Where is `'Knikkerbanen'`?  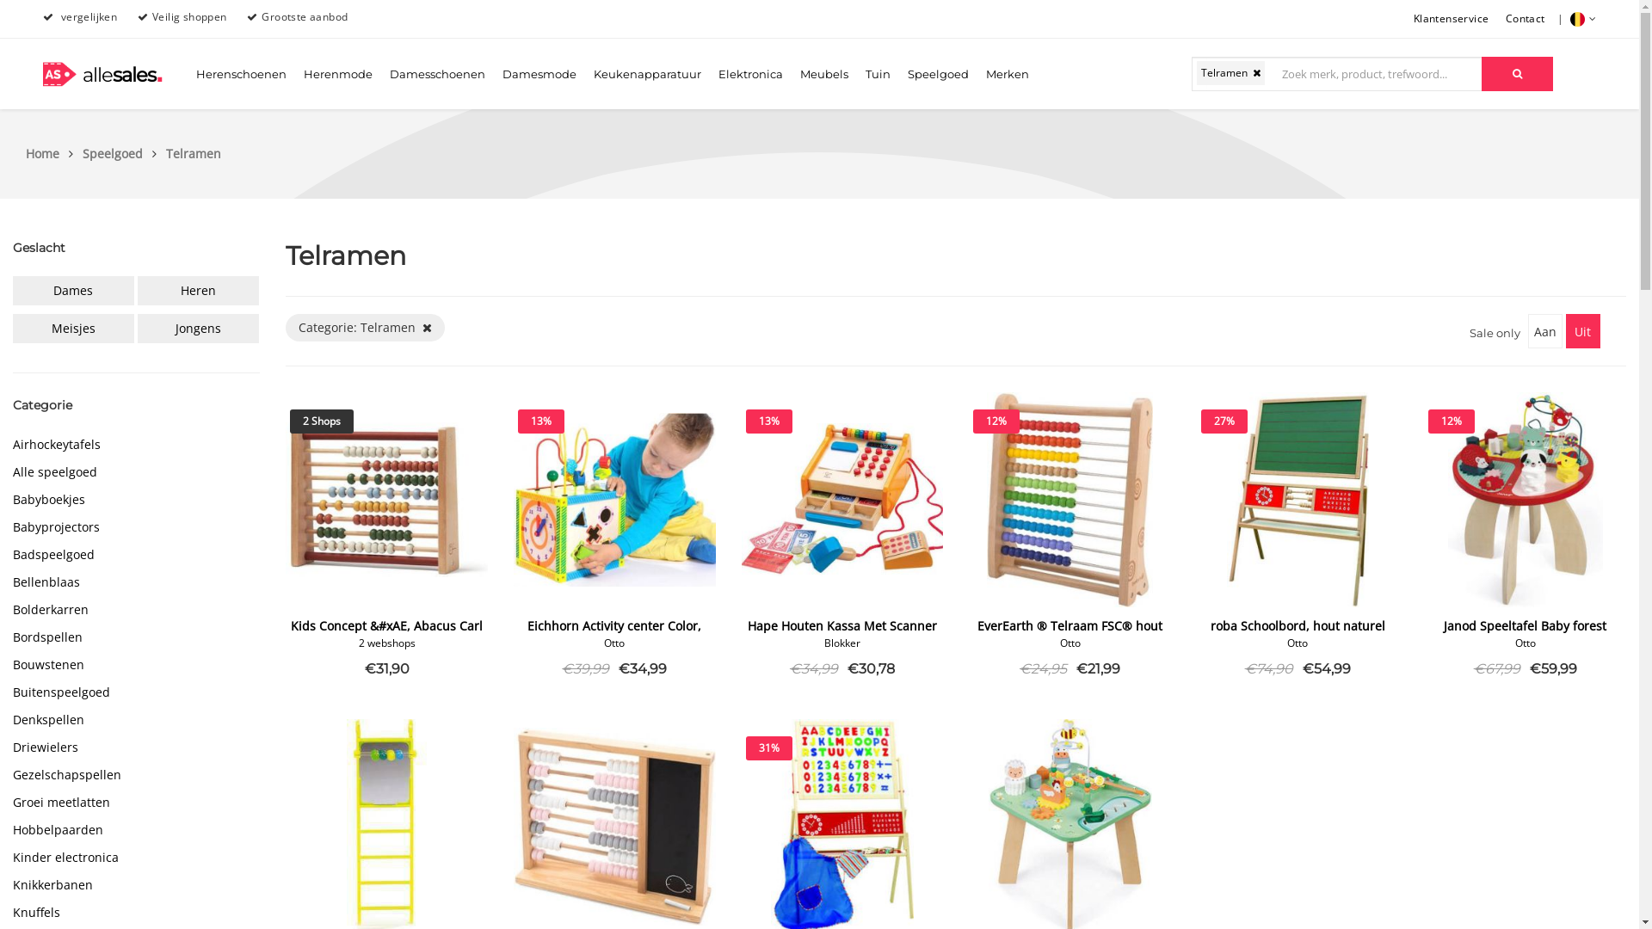
'Knikkerbanen' is located at coordinates (12, 885).